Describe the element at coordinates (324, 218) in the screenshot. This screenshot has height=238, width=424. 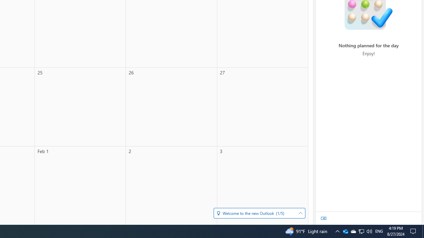
I see `'Toggle agenda pane'` at that location.